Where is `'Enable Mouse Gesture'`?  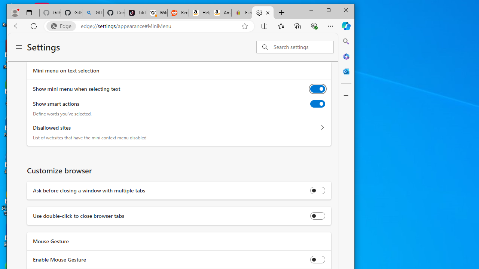
'Enable Mouse Gesture' is located at coordinates (318, 259).